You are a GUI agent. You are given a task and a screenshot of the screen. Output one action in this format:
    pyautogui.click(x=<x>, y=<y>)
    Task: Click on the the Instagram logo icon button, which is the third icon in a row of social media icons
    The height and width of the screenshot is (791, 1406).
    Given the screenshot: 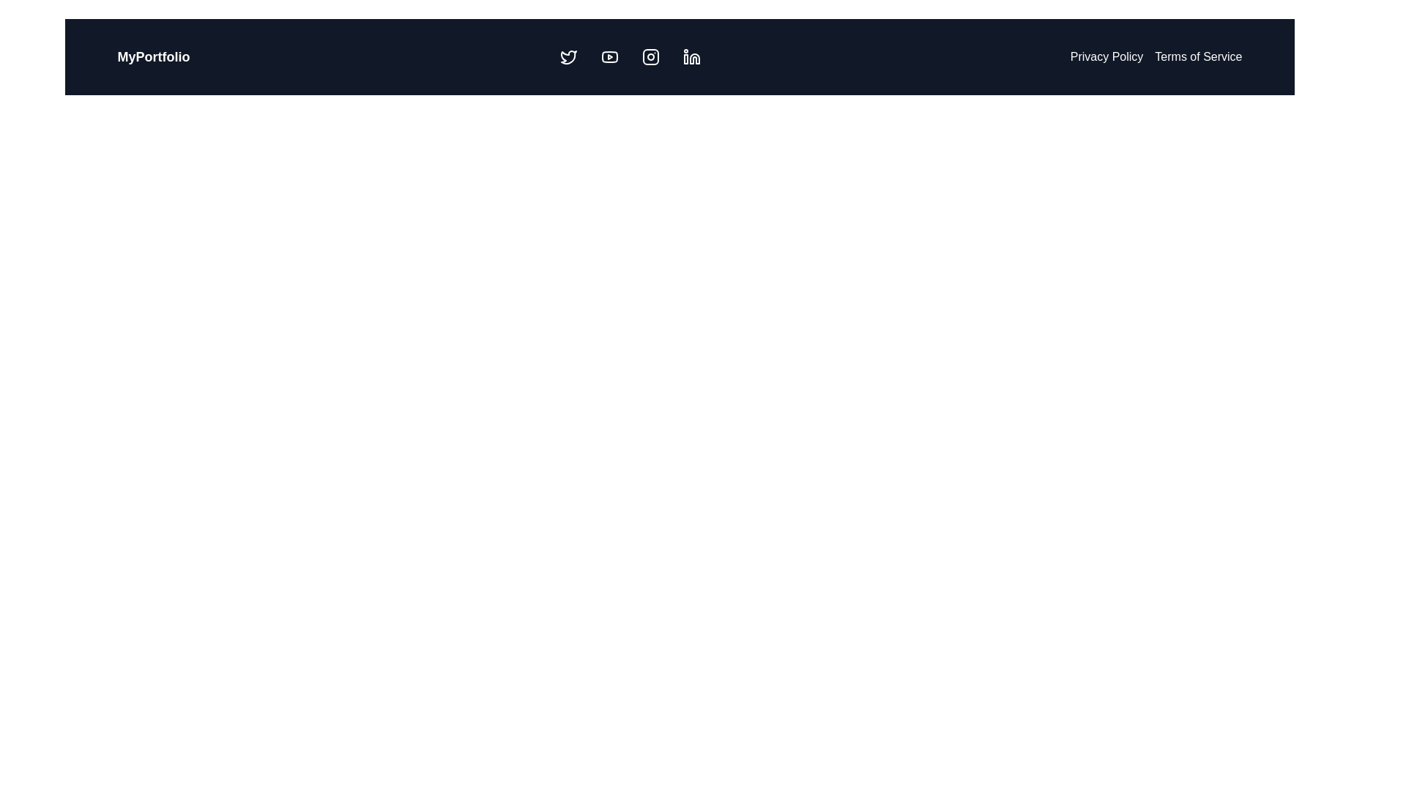 What is the action you would take?
    pyautogui.click(x=650, y=56)
    